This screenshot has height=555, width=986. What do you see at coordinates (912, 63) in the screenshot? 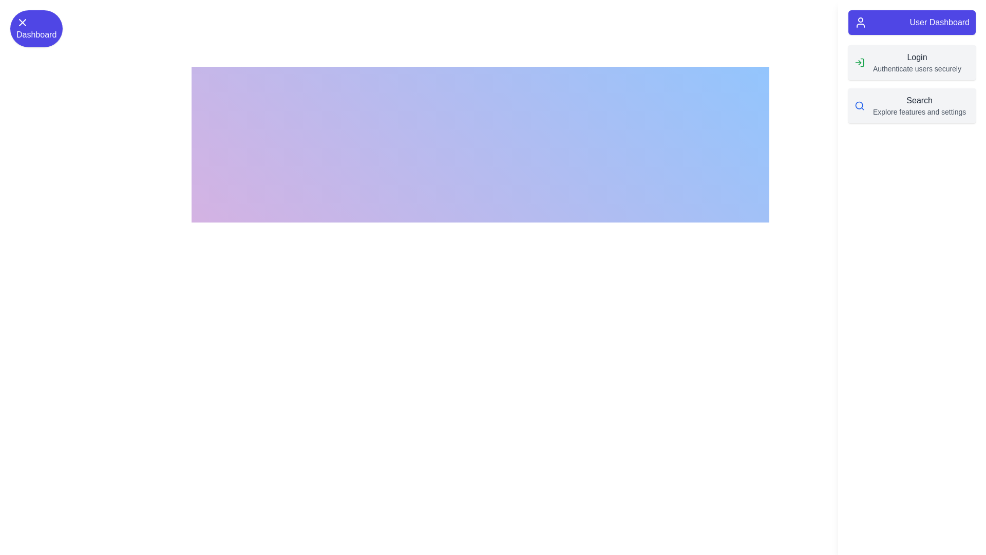
I see `the 'Login' option in the UserDashboardDrawer` at bounding box center [912, 63].